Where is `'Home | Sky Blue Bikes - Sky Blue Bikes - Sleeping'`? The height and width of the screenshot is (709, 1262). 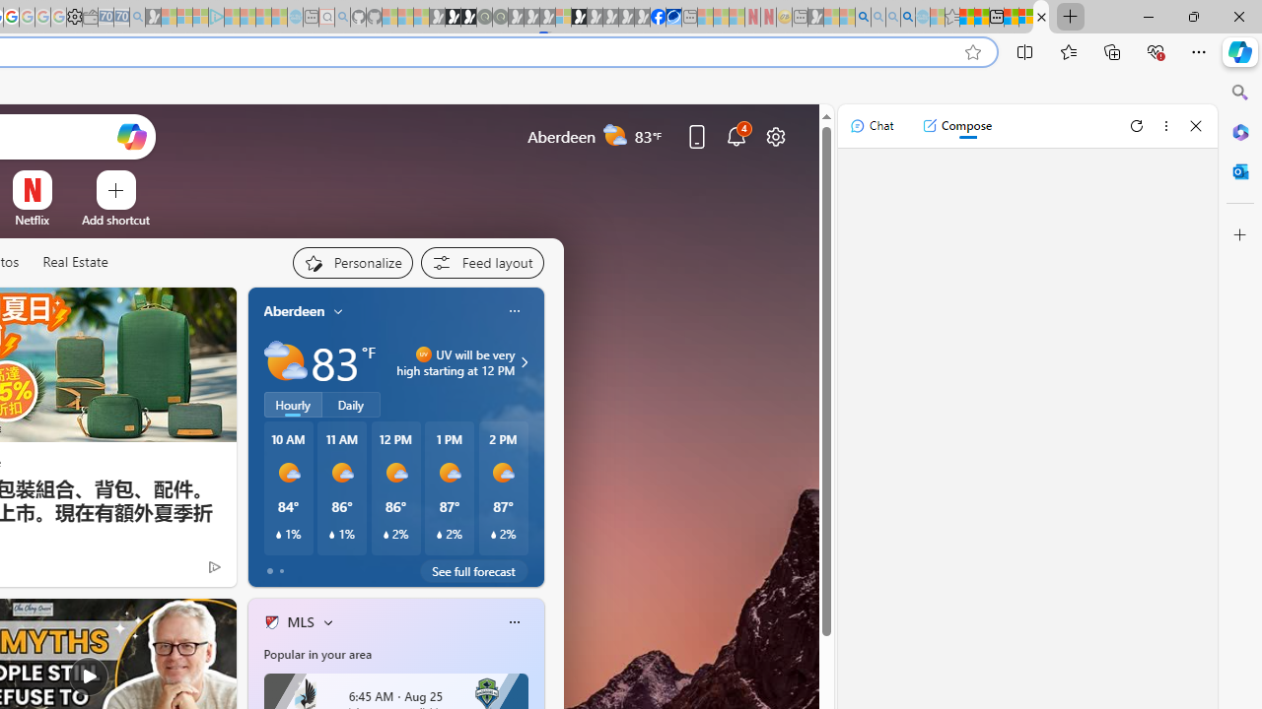 'Home | Sky Blue Bikes - Sky Blue Bikes - Sleeping' is located at coordinates (294, 17).